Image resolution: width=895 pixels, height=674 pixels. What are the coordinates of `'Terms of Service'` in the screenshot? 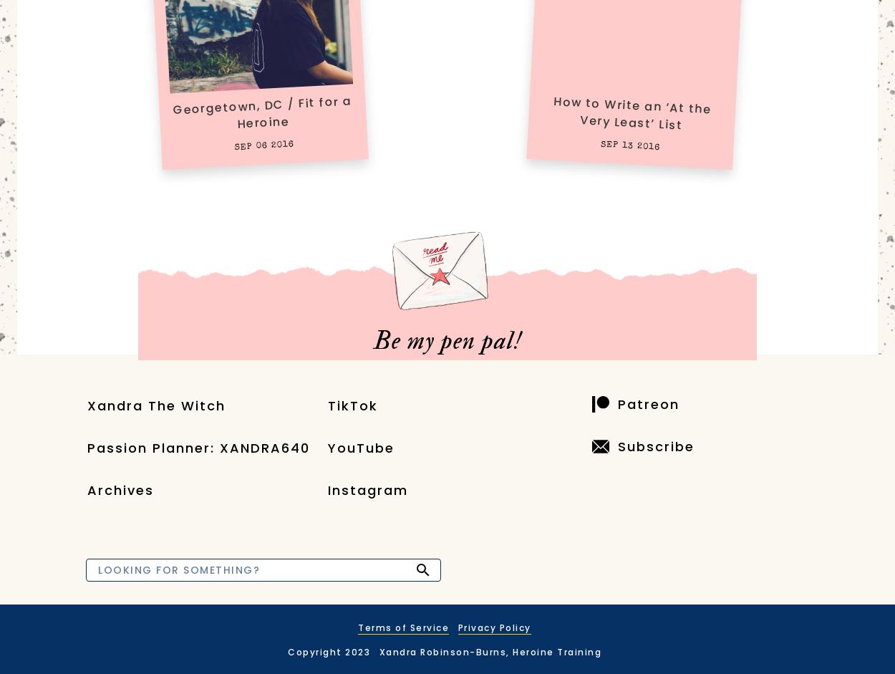 It's located at (358, 627).